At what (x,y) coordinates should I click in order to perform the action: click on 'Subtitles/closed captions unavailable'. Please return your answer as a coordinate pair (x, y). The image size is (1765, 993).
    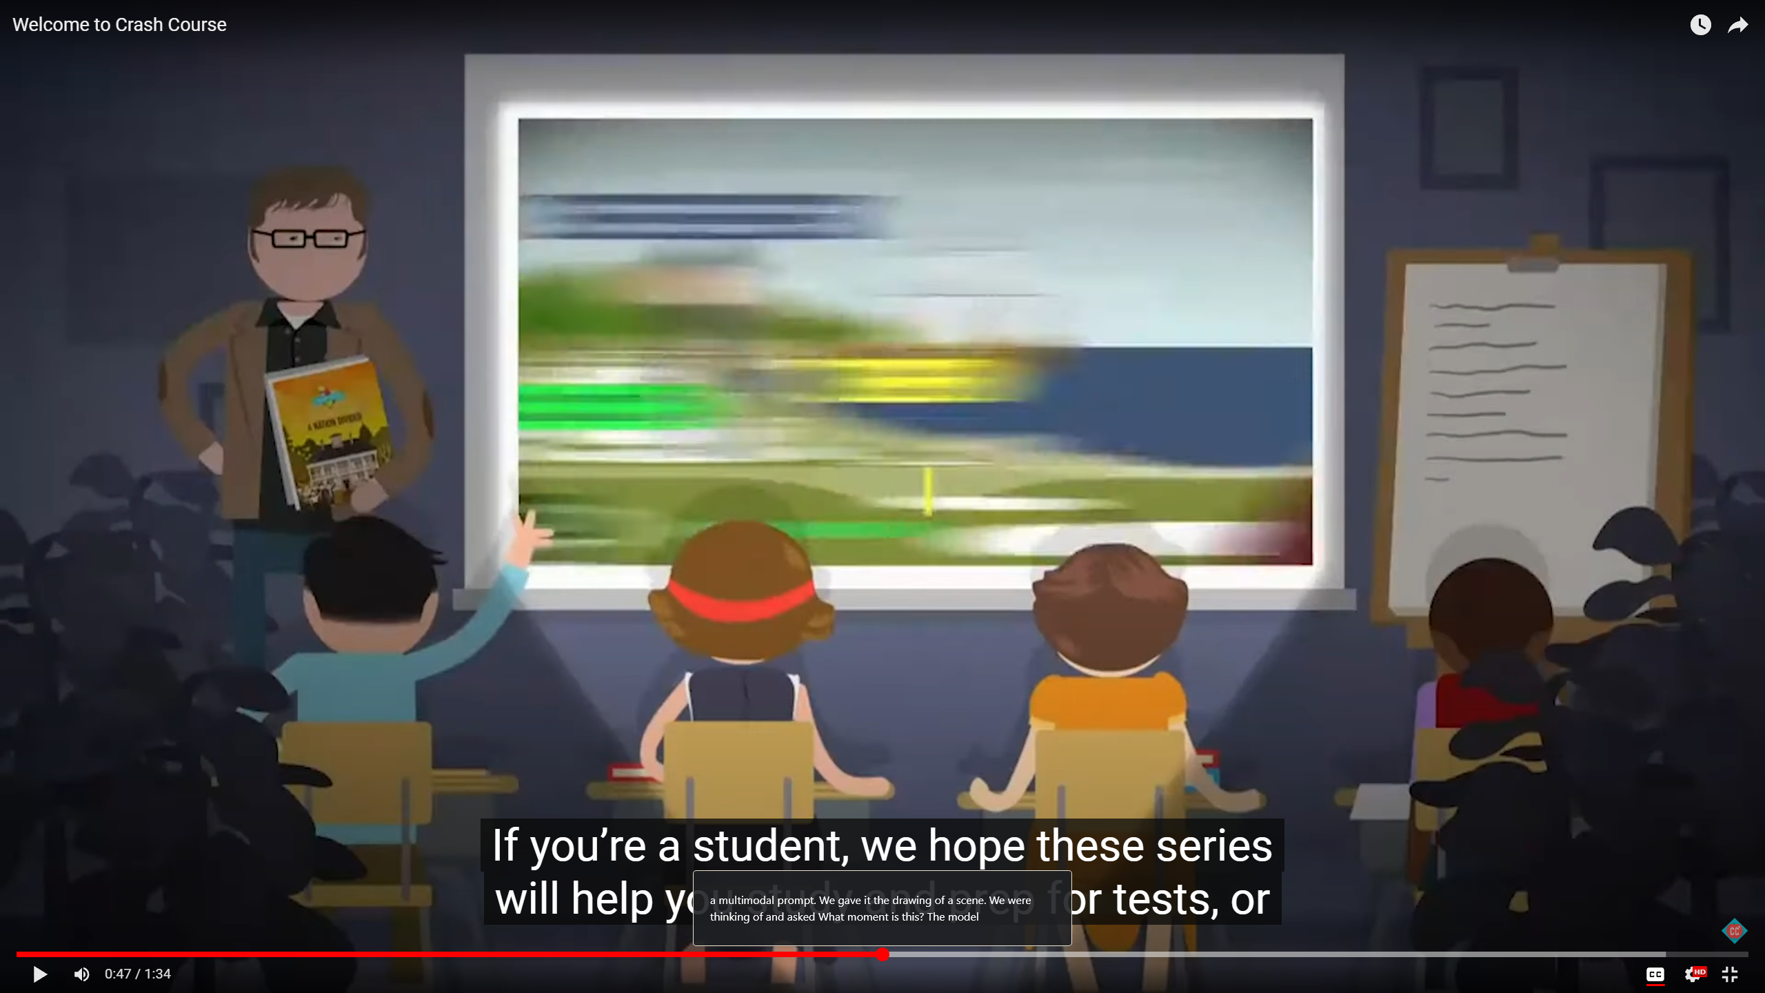
    Looking at the image, I should click on (1655, 974).